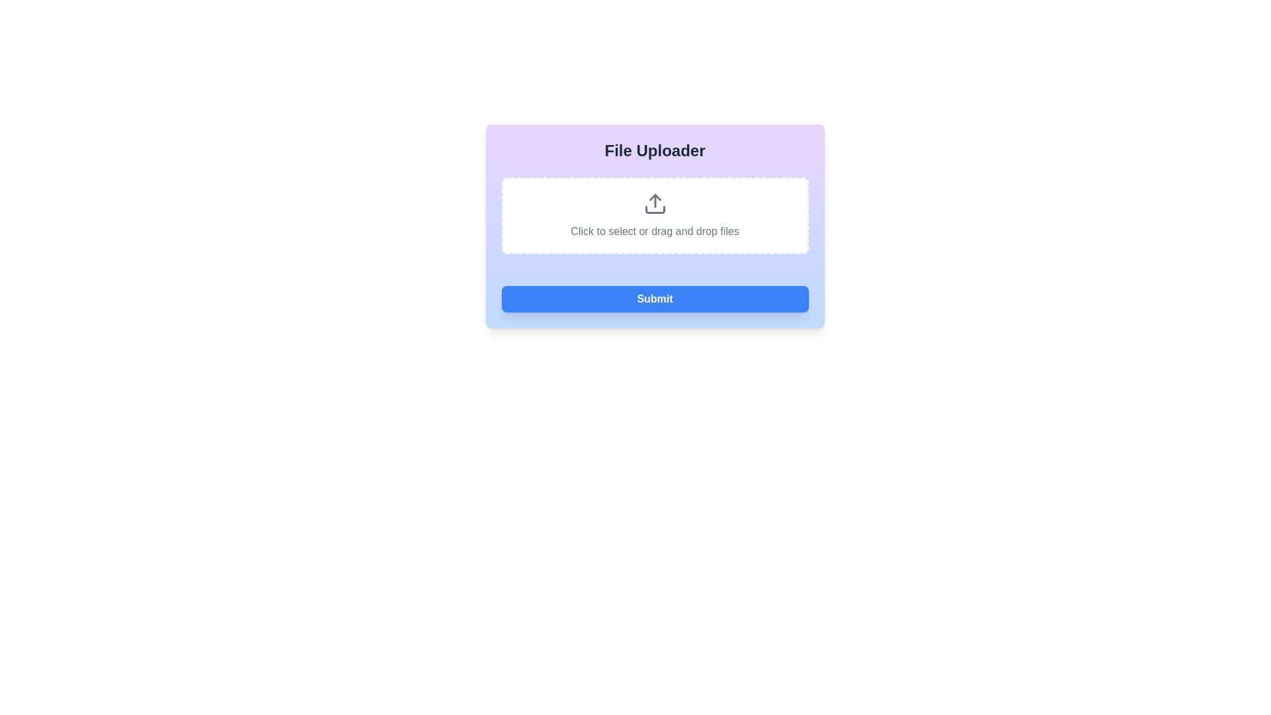  What do you see at coordinates (655, 226) in the screenshot?
I see `the 'Submit' button located below the 'File Uploader' header in the Form panel to proceed with the file upload` at bounding box center [655, 226].